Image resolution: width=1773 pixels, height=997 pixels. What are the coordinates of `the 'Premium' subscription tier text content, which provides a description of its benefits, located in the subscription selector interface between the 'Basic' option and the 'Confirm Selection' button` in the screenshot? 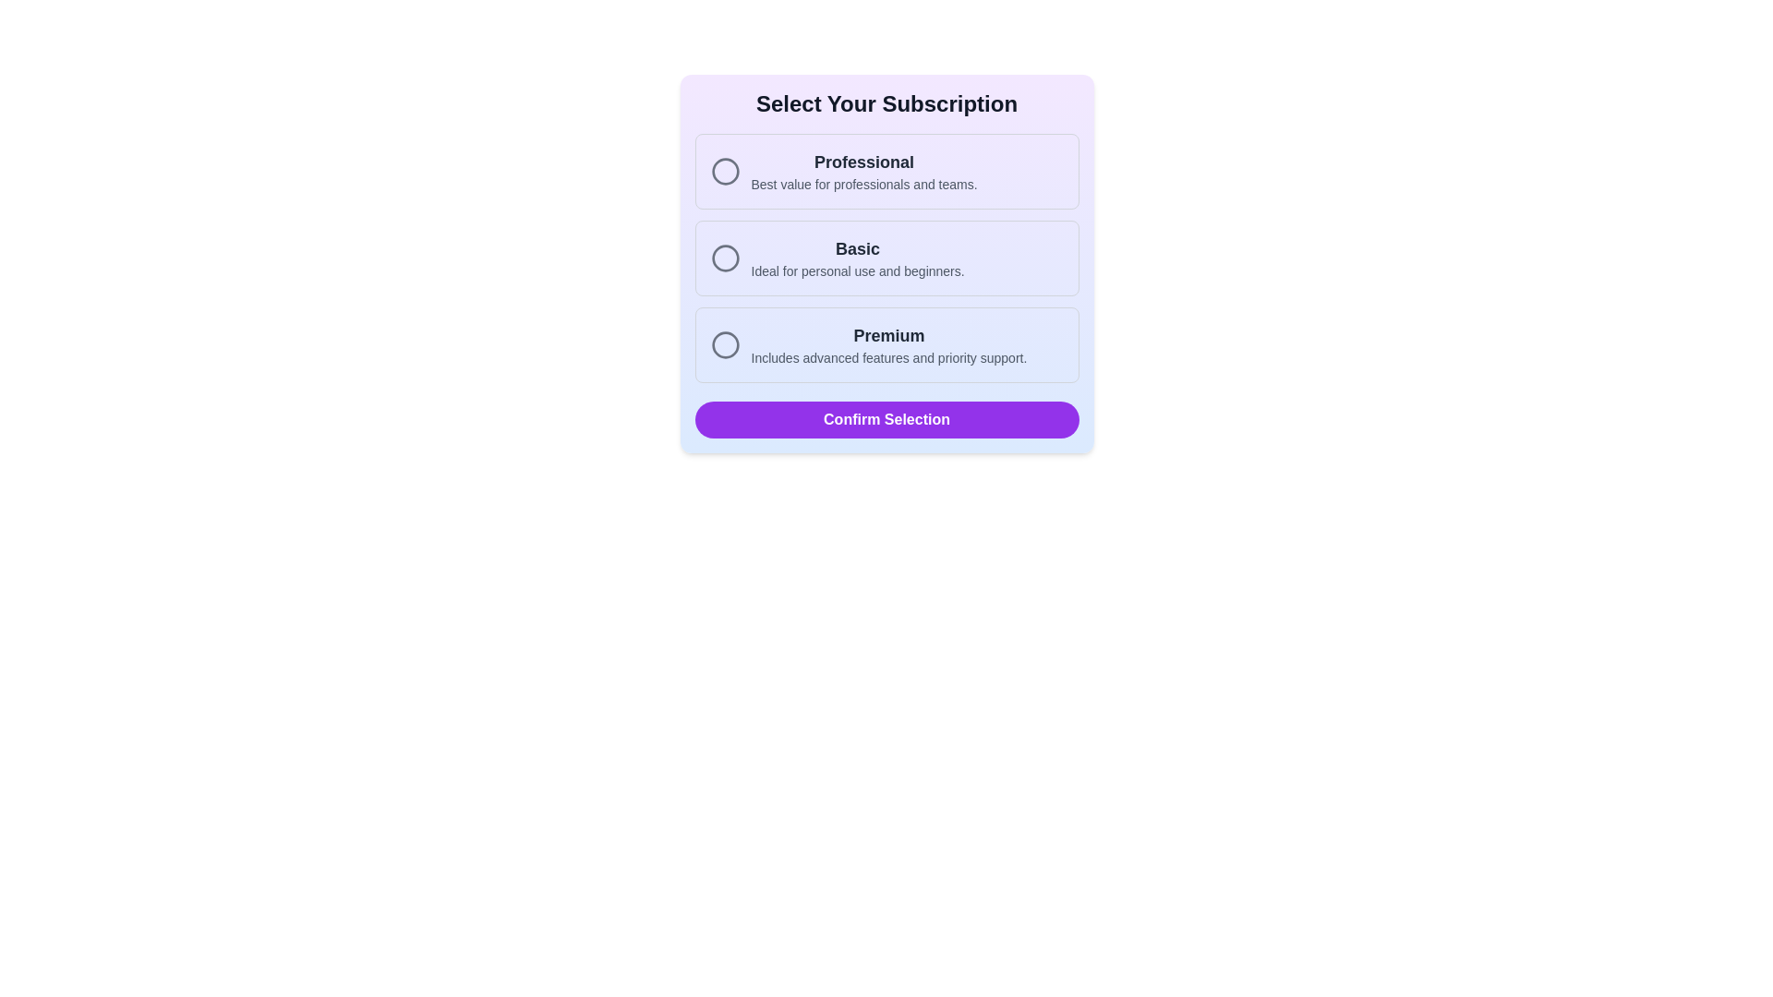 It's located at (888, 345).